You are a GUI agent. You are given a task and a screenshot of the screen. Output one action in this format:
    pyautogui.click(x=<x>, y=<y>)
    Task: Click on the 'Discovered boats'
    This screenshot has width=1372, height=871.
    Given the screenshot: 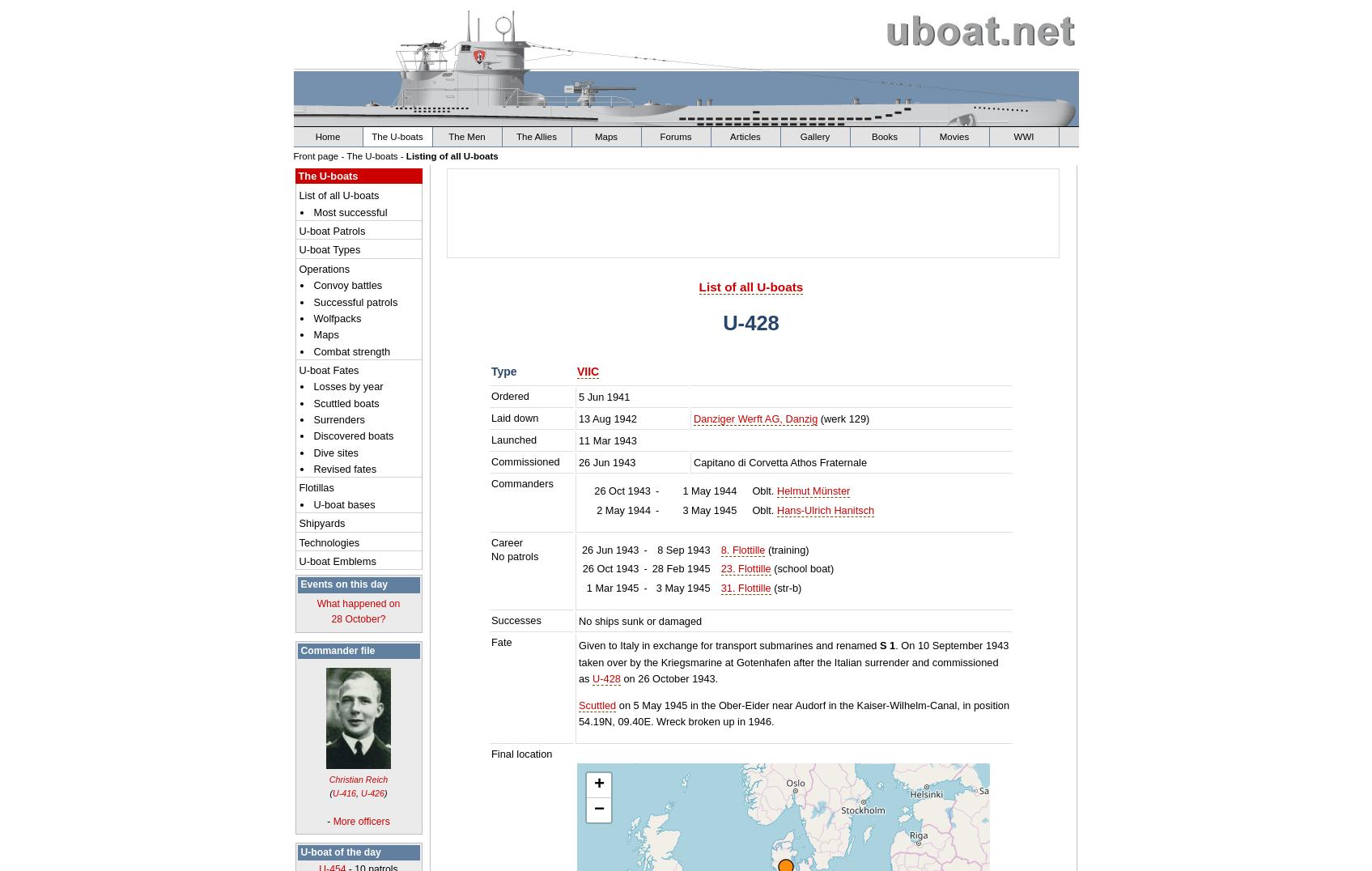 What is the action you would take?
    pyautogui.click(x=353, y=435)
    